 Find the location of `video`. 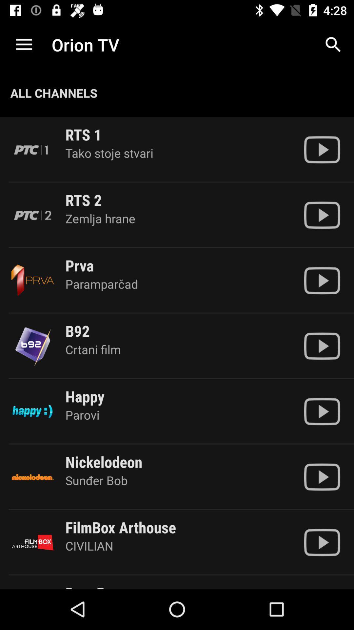

video is located at coordinates (322, 411).